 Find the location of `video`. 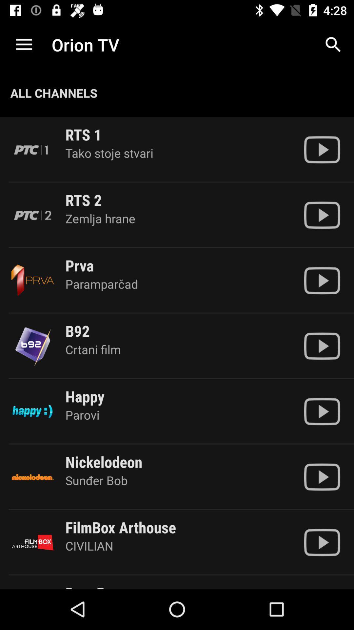

video is located at coordinates (322, 411).